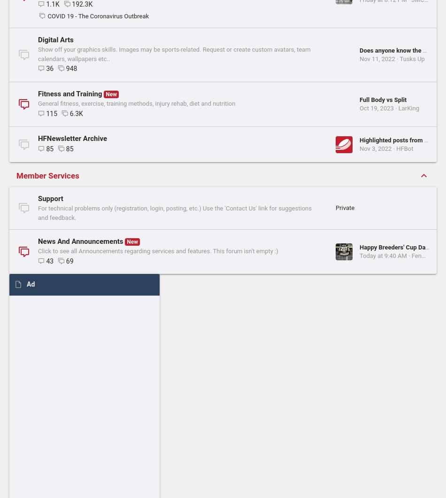 The height and width of the screenshot is (498, 446). Describe the element at coordinates (67, 96) in the screenshot. I see `'Mixed Martial Arts'` at that location.